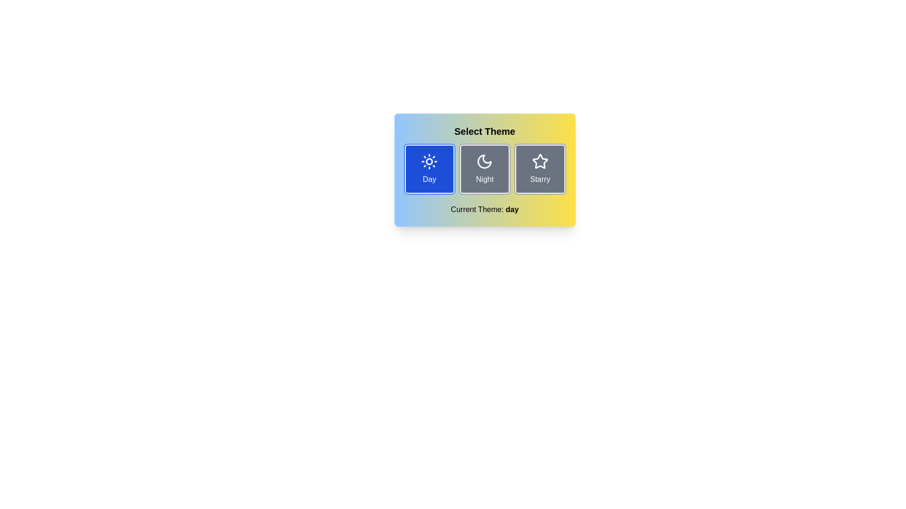  I want to click on the theme button labeled Starry to toggle the theme, so click(539, 168).